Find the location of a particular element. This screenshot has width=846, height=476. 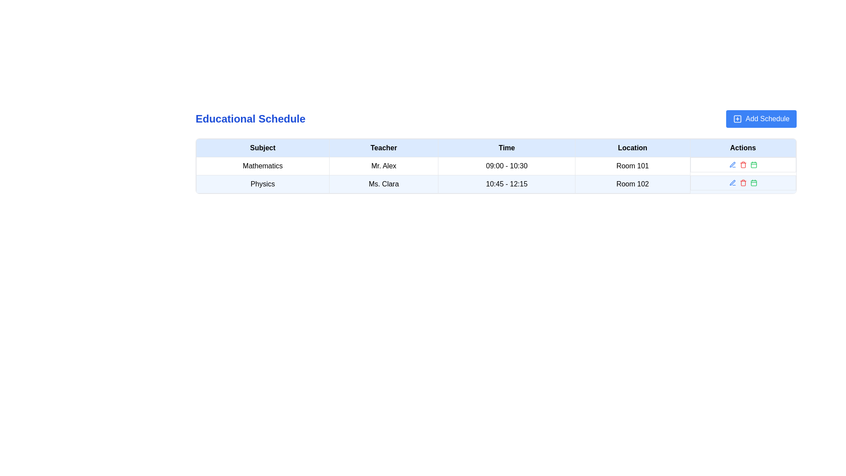

the pencil-shaped icon button in the 'Actions' column of the data table for the entry 'Physics' is located at coordinates (732, 164).